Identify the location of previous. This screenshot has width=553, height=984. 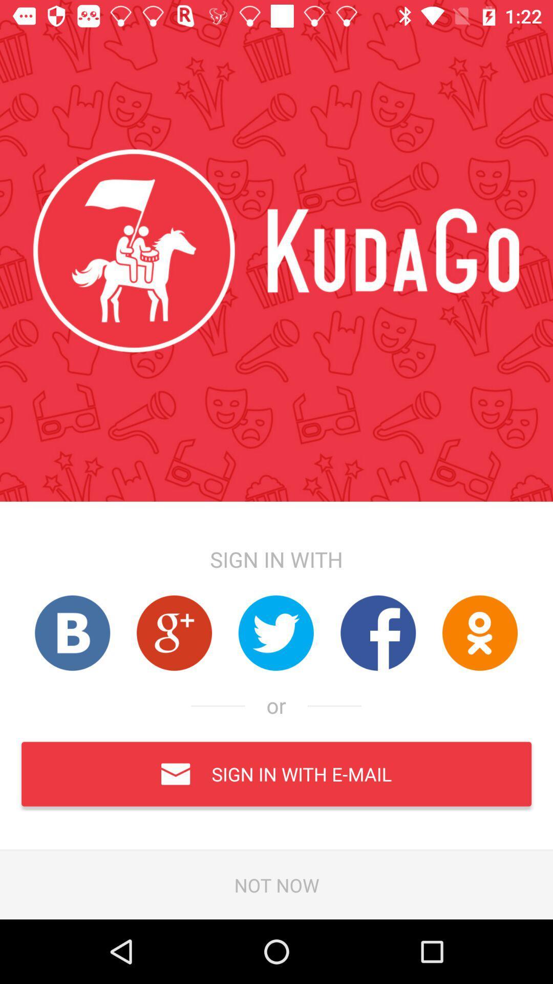
(174, 632).